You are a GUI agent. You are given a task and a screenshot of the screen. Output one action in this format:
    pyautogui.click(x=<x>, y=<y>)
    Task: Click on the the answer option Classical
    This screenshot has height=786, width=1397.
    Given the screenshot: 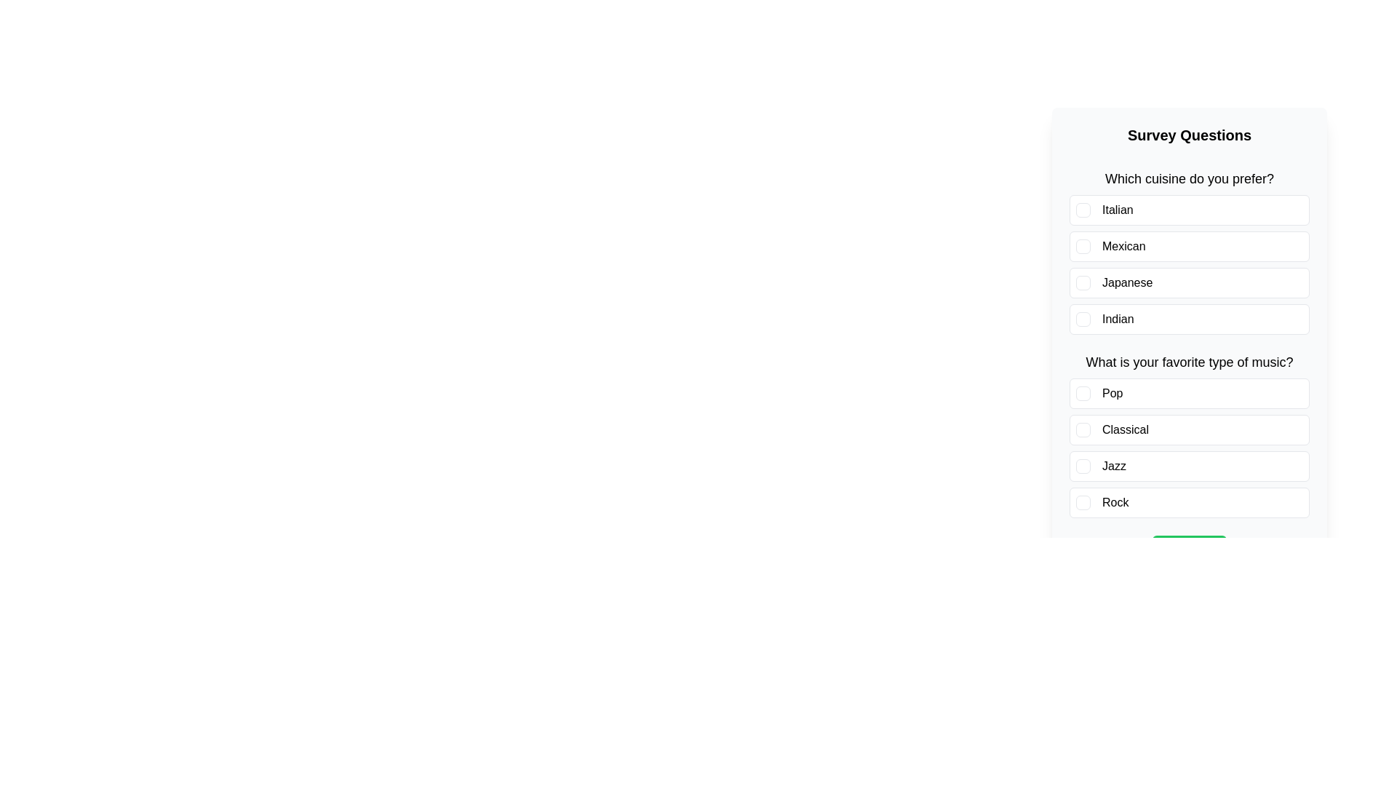 What is the action you would take?
    pyautogui.click(x=1190, y=429)
    